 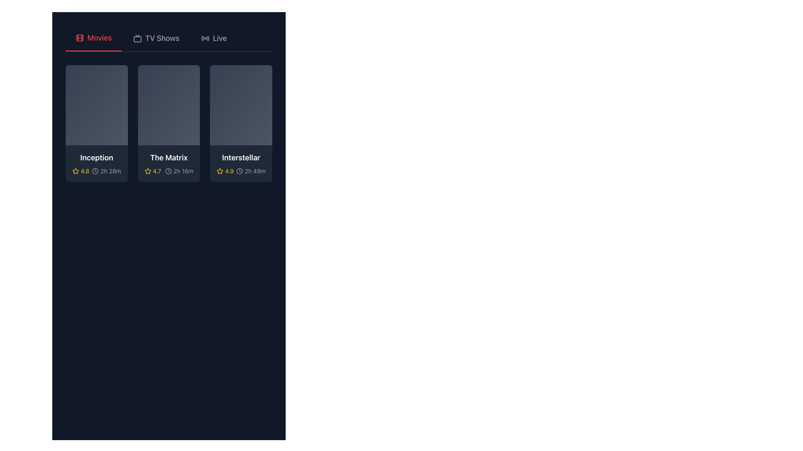 I want to click on the visual indicator icon for the 'TV Shows' menu item located in the second section of the horizontal navigation menu, positioned to the left of the 'TV Shows' text, so click(x=138, y=38).